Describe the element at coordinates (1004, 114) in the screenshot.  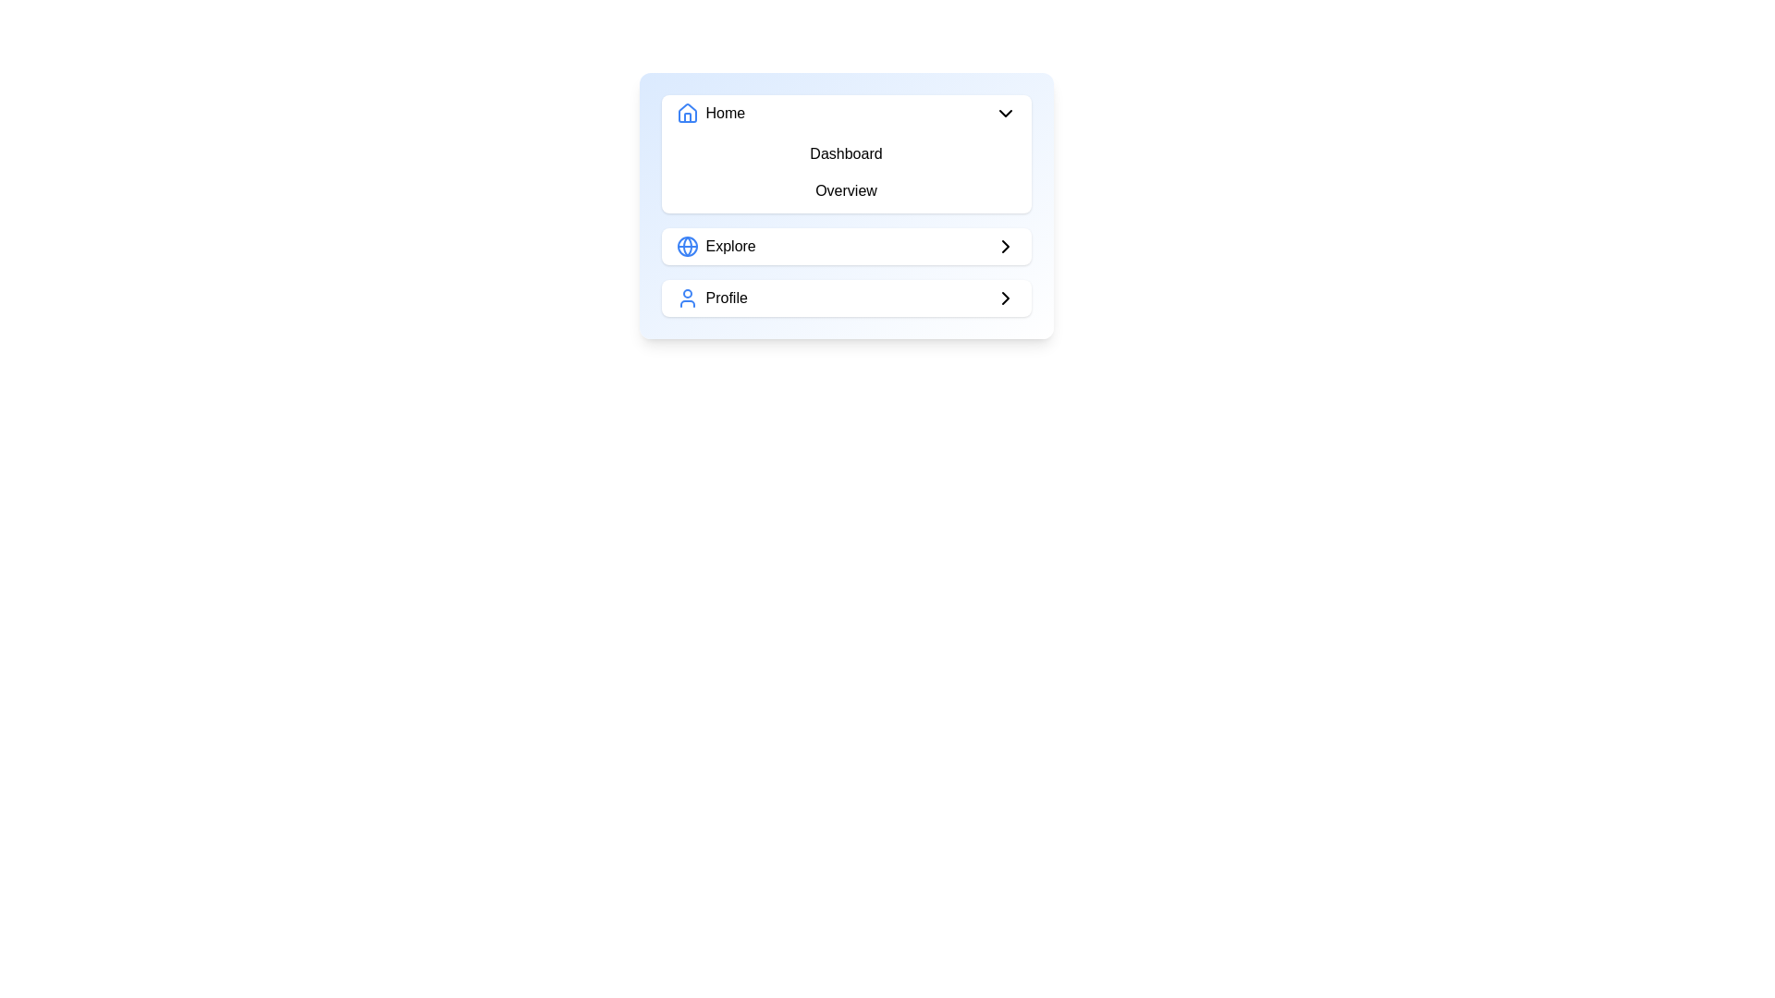
I see `the Chevron Icon located at the far right of the 'Home' menu item, which toggles the dropdown options` at that location.